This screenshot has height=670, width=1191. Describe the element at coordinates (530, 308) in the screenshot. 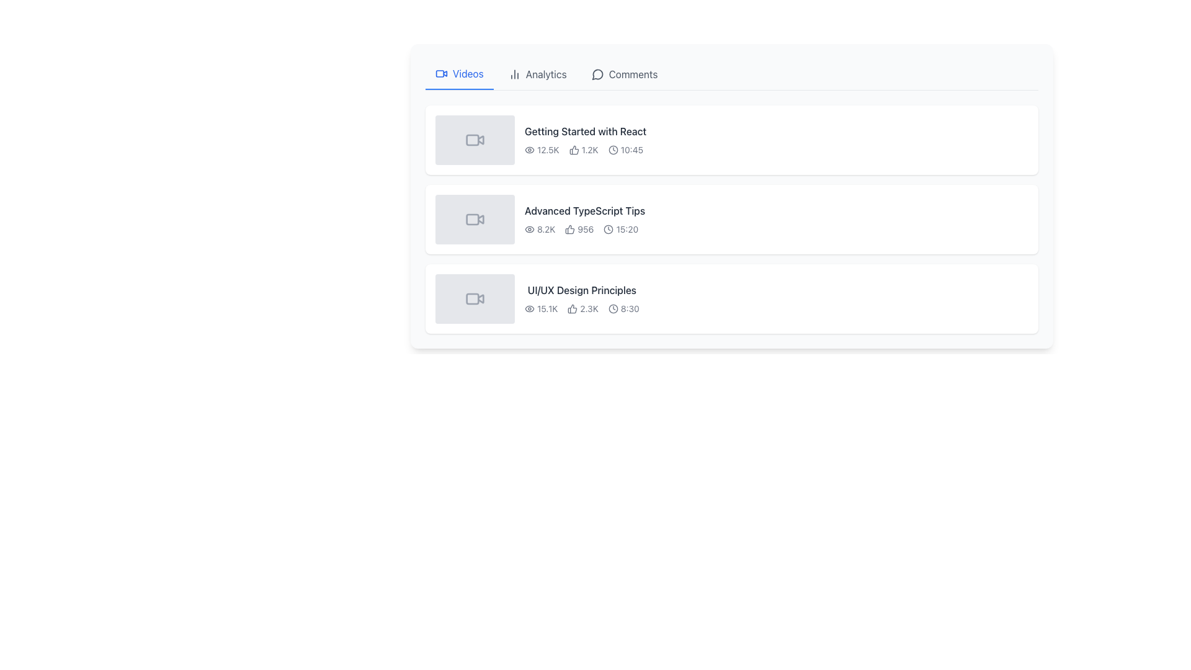

I see `the visibility toggle icon located in the top-left corner of the interface` at that location.